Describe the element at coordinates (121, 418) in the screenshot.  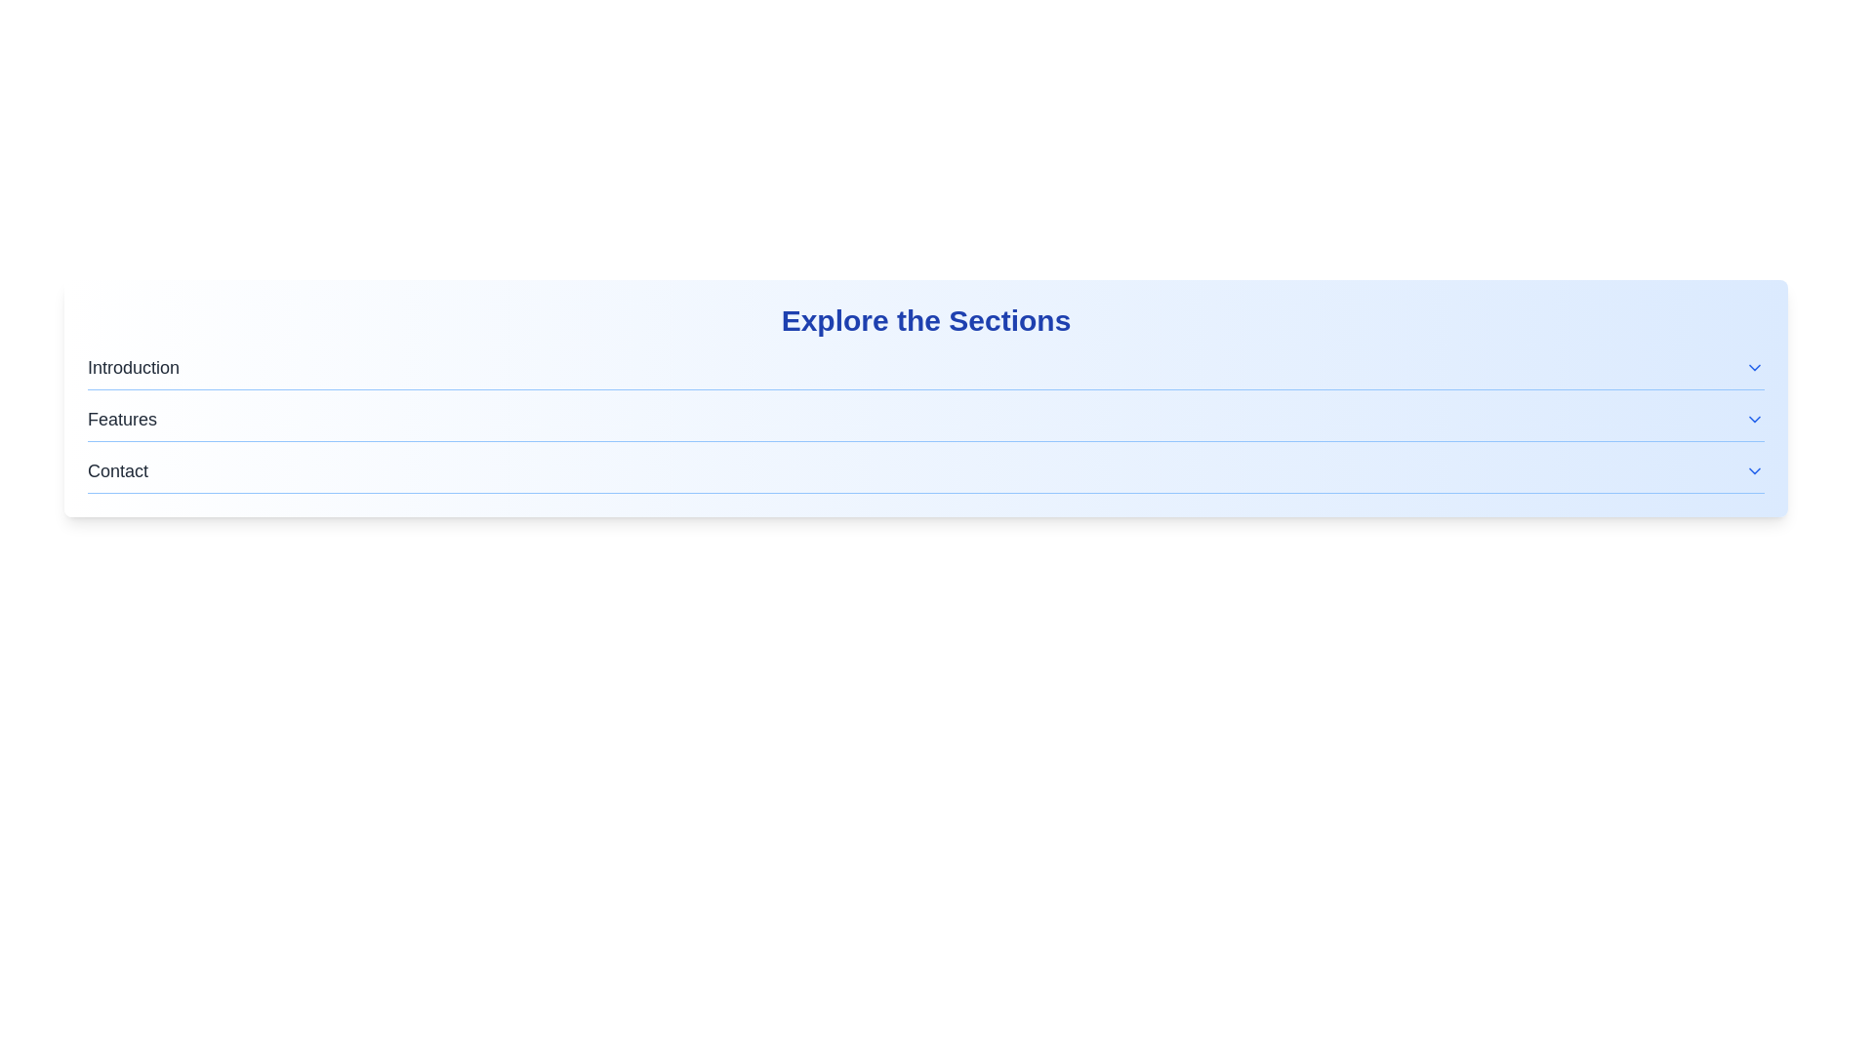
I see `the text label displaying 'Features', which is located under the header 'Explore the Sections' and is styled in dark gray. This label is the second item in a vertical list, positioned between 'Introduction' and 'Contact'` at that location.